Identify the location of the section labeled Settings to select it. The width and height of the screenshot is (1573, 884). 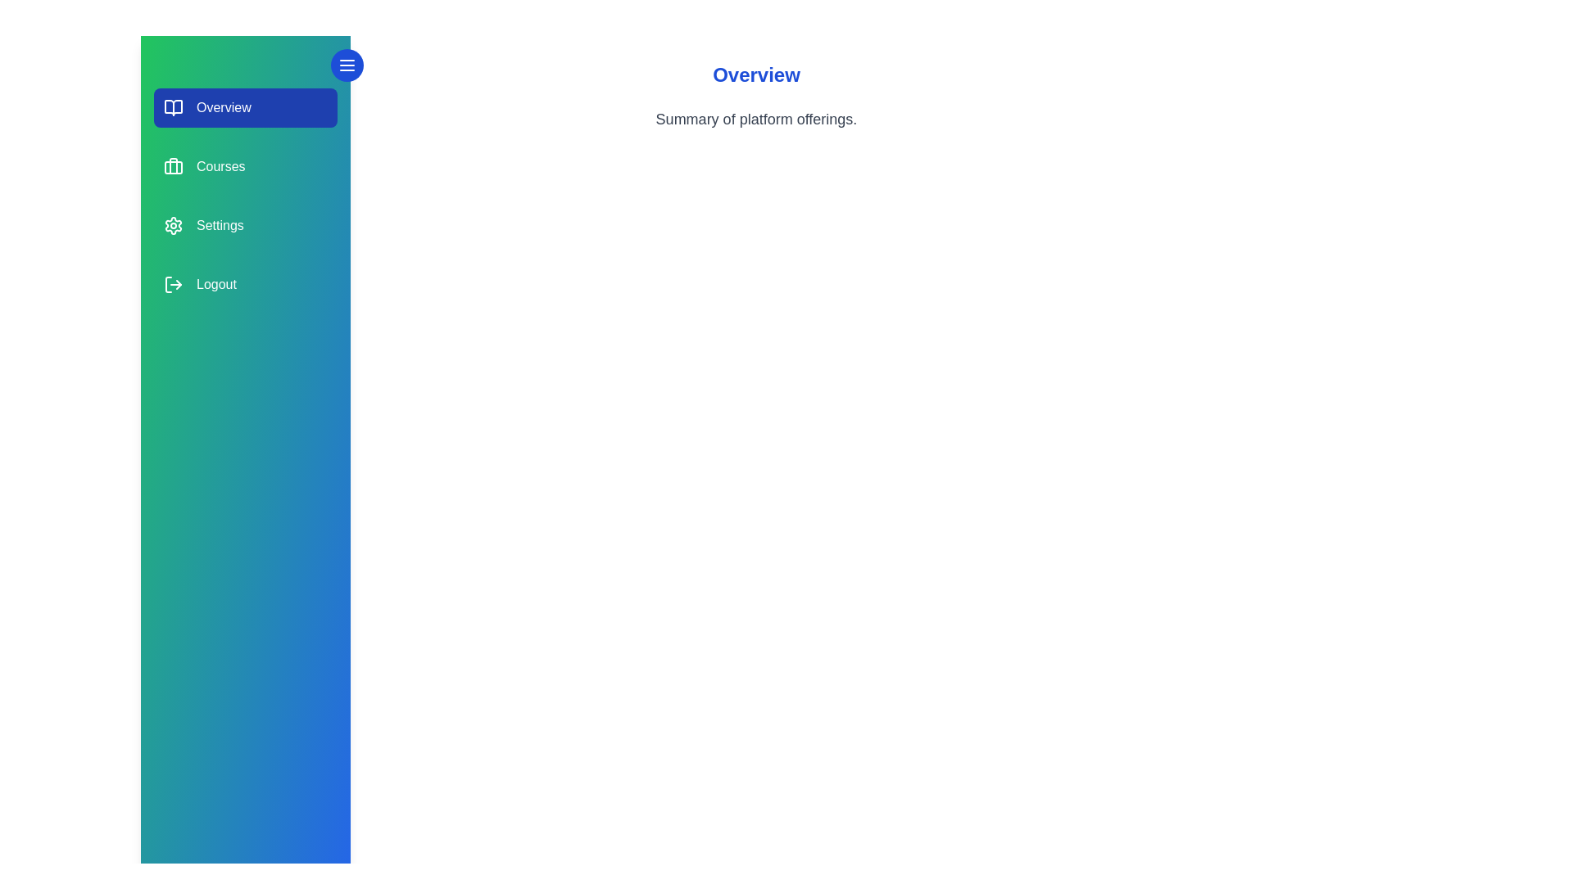
(244, 226).